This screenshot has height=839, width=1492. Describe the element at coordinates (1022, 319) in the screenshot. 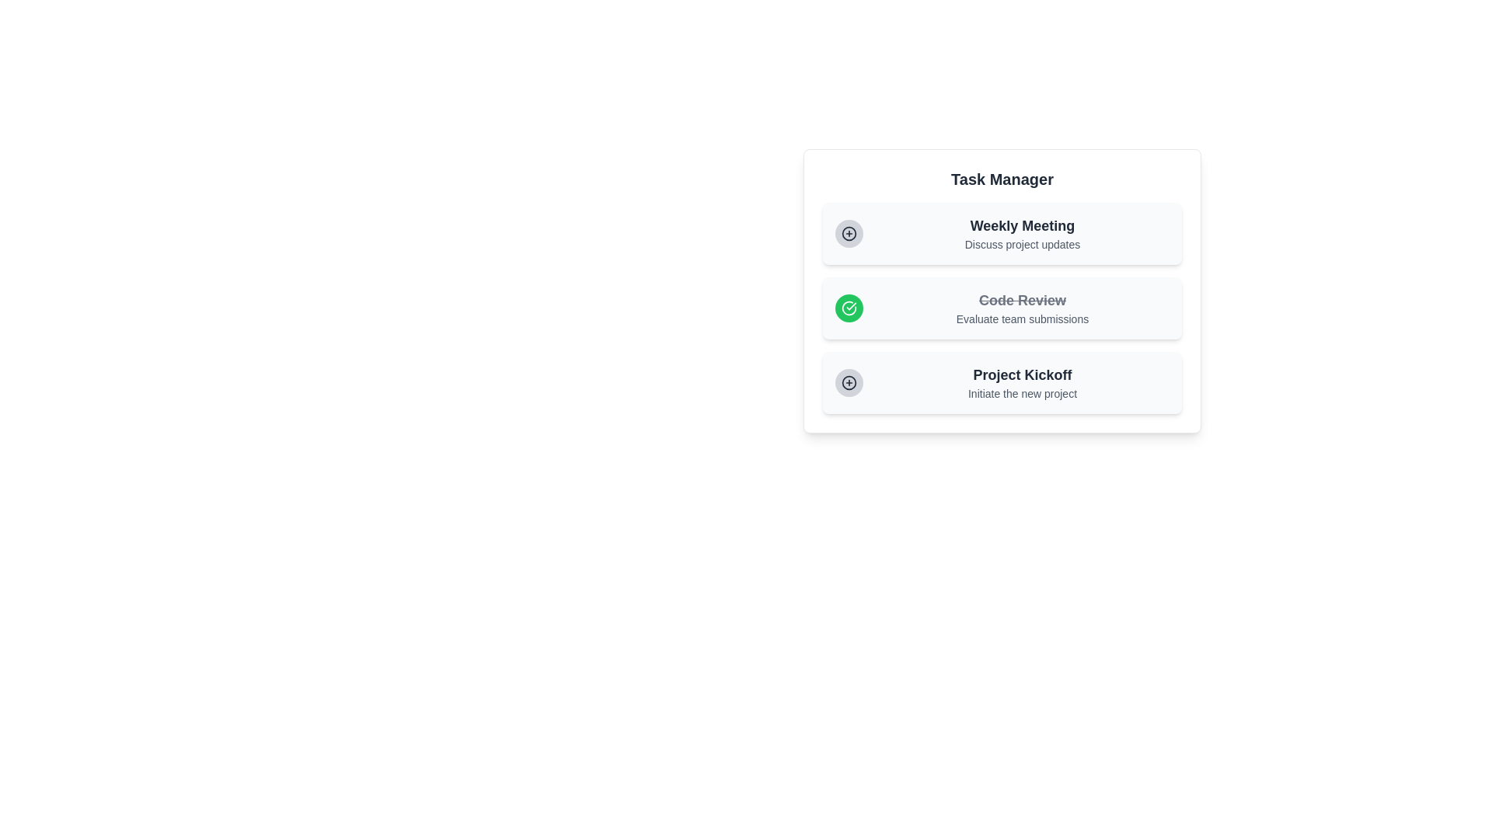

I see `text label providing context for the 'Code Review' task located below the 'Code Review' title in the second task card of the 'Task Manager' interface` at that location.